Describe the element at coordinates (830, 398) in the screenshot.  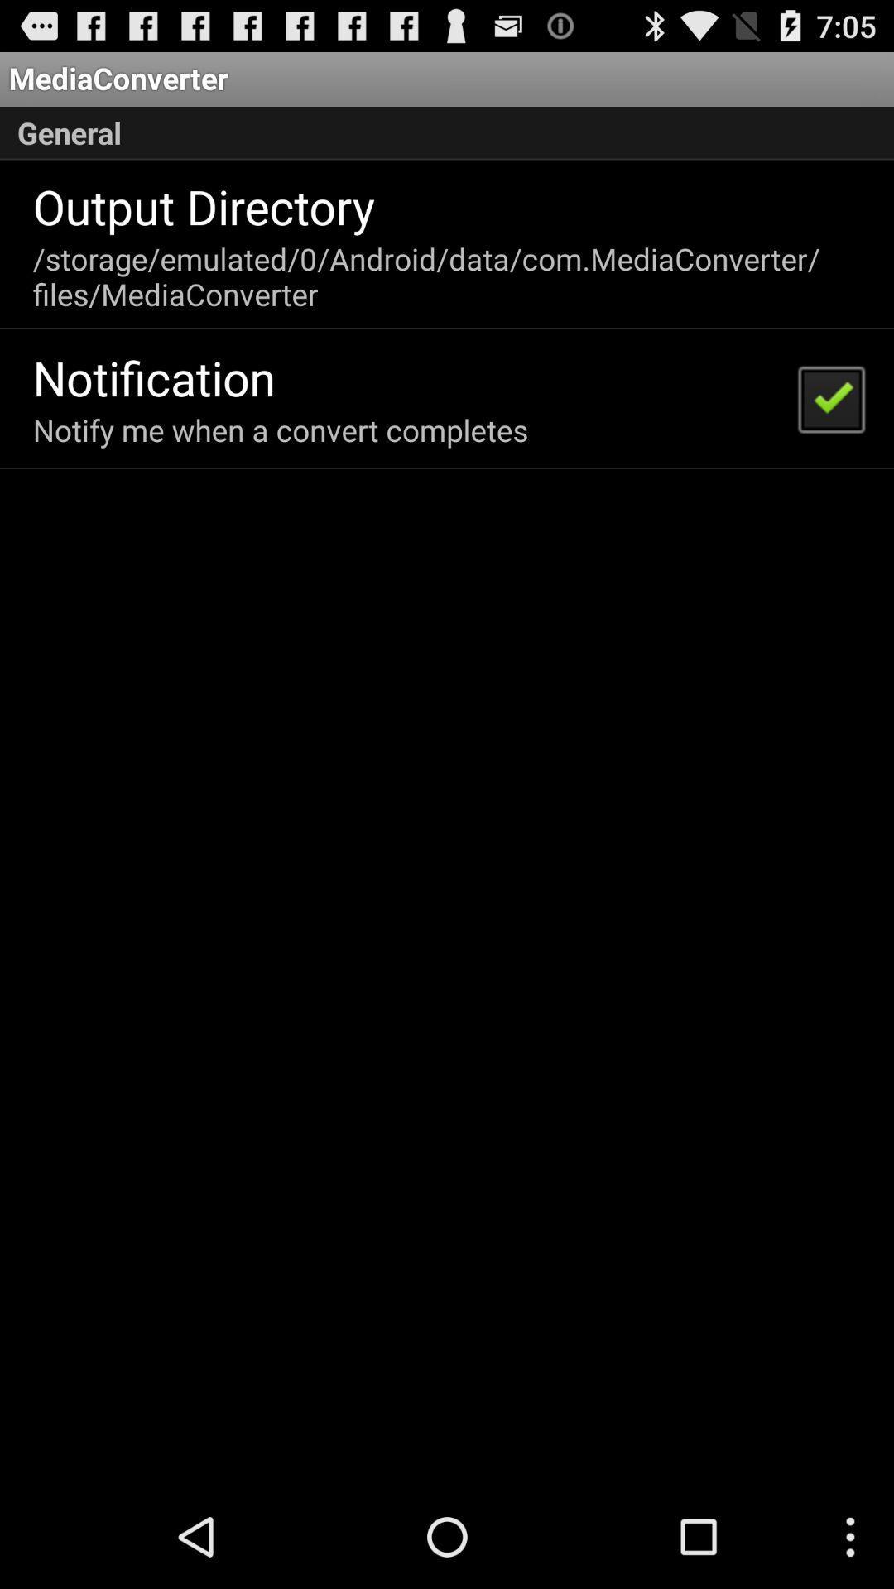
I see `the item to the right of the notify me when icon` at that location.